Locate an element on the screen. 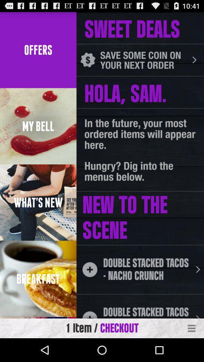 This screenshot has width=204, height=362. the plus icon which is next to double stacked tacos nacho crunch is located at coordinates (90, 270).